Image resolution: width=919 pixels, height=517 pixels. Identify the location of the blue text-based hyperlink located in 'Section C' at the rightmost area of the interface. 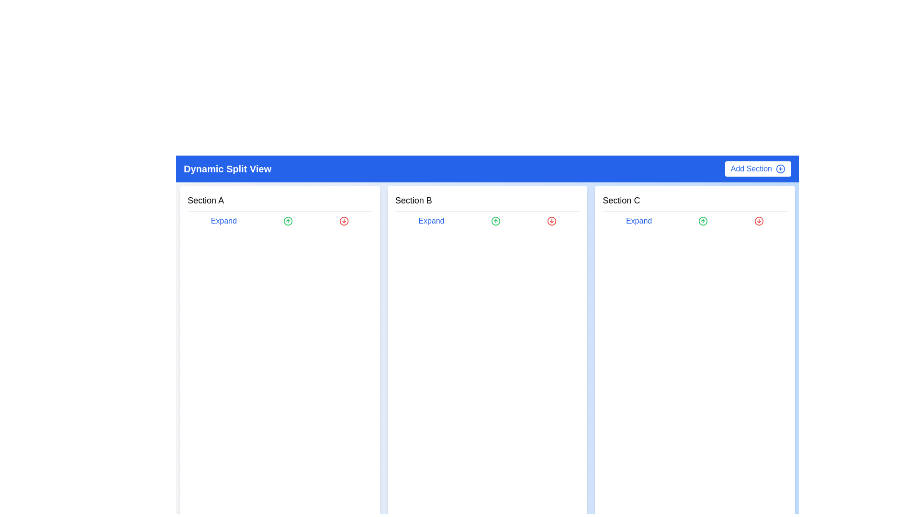
(639, 221).